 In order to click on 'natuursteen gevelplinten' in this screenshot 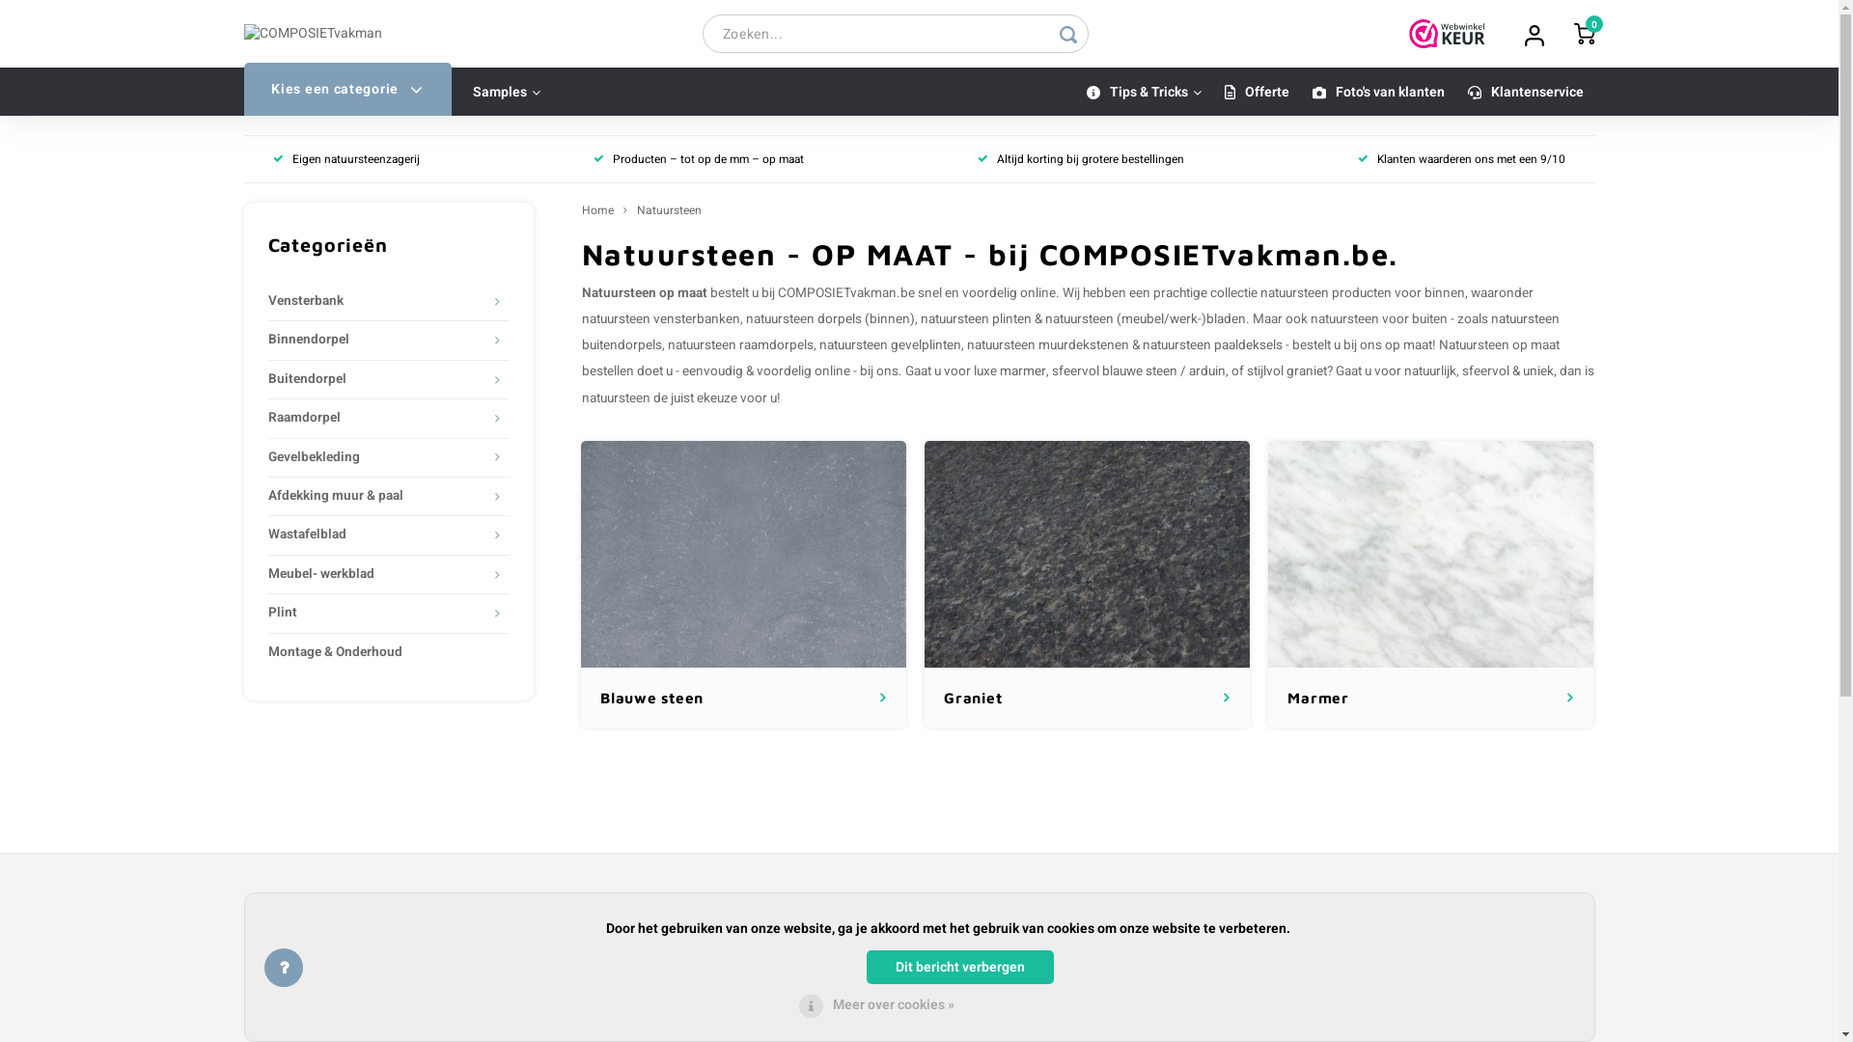, I will do `click(888, 344)`.